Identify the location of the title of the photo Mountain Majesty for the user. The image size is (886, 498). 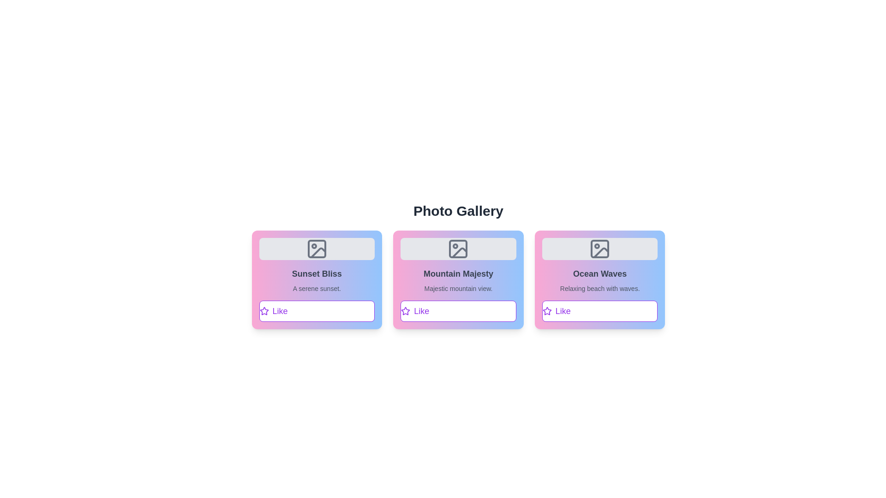
(458, 273).